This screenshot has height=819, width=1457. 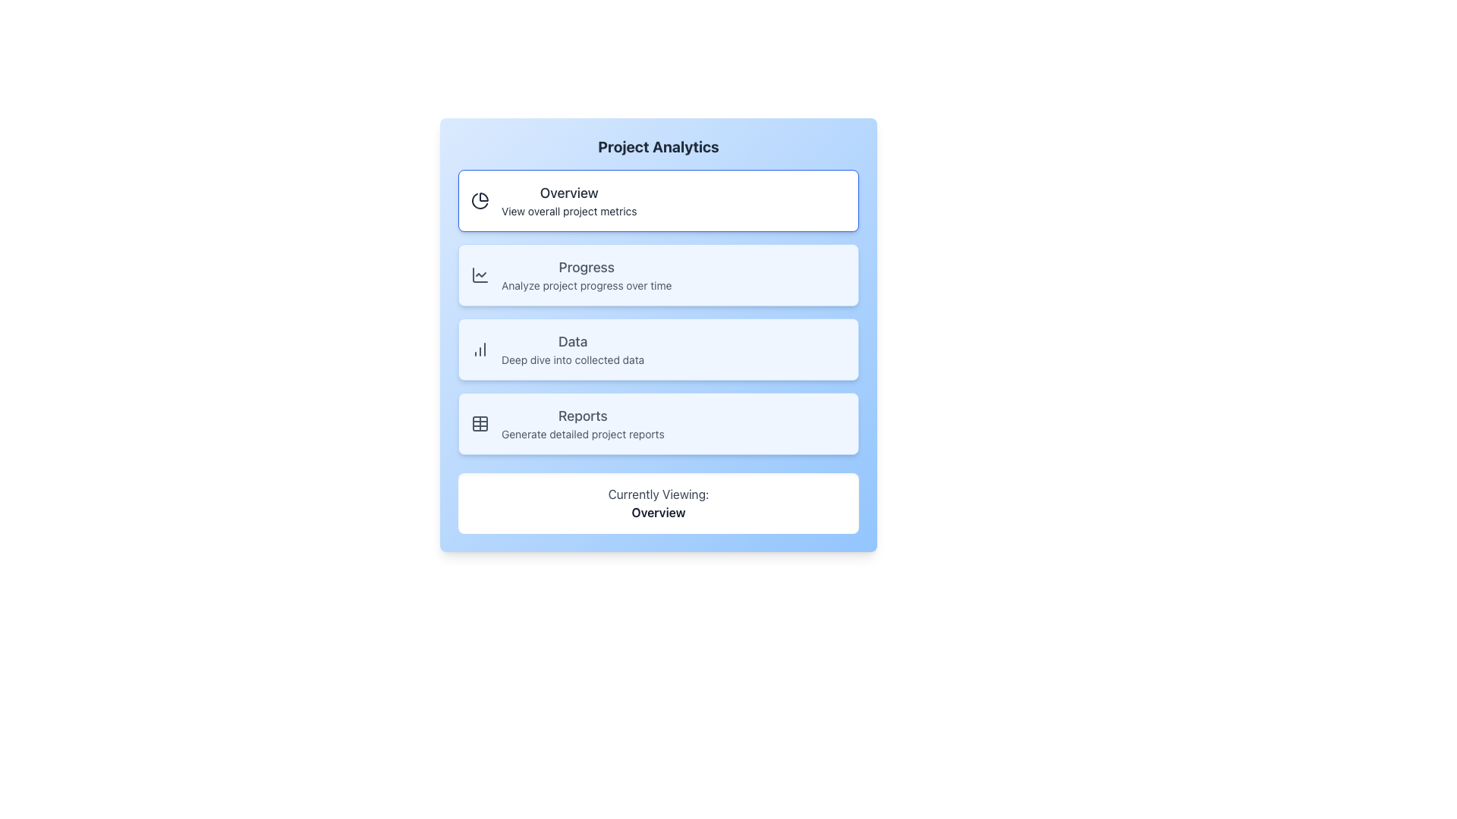 I want to click on the non-interactive Text label providing contextual information about the 'Data' section, which is positioned below the word 'Data' and to the right of a data analysis icon, so click(x=572, y=359).